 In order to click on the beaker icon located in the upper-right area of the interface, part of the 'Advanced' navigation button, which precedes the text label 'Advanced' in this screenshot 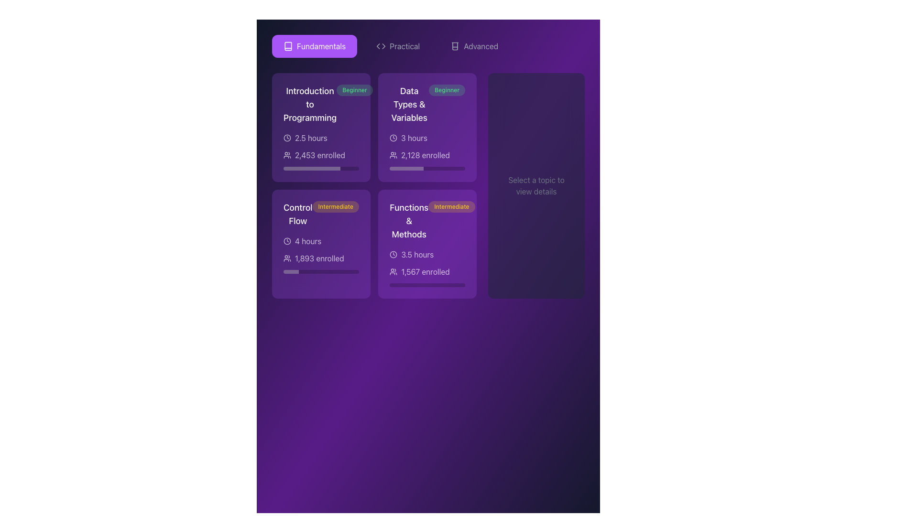, I will do `click(455, 46)`.